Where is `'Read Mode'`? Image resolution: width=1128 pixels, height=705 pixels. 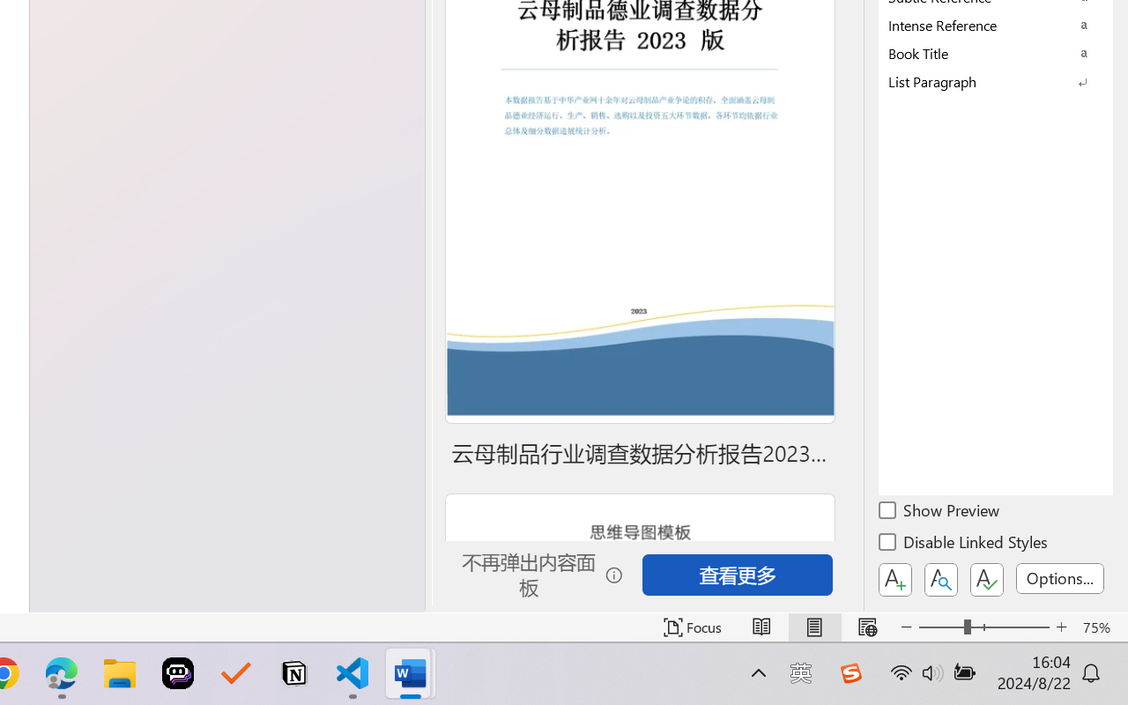
'Read Mode' is located at coordinates (761, 627).